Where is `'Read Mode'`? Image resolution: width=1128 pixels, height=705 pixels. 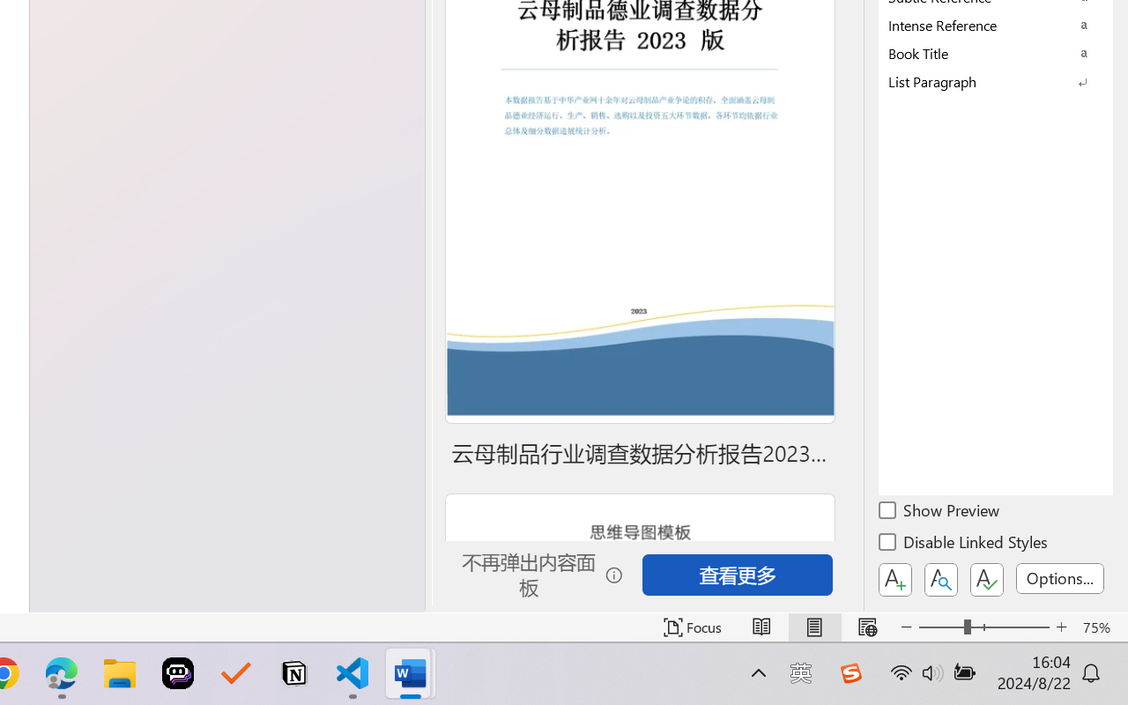
'Read Mode' is located at coordinates (761, 627).